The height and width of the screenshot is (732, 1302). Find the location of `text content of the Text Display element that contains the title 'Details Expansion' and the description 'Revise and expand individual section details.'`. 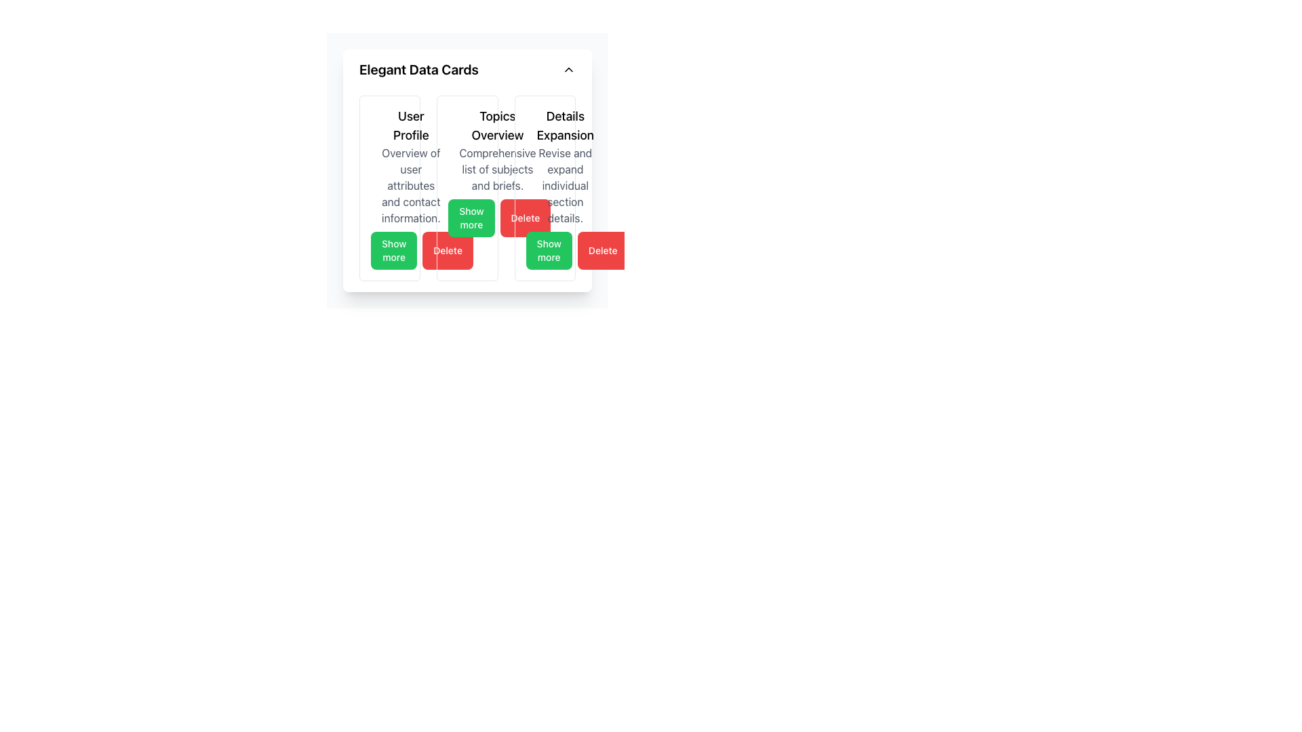

text content of the Text Display element that contains the title 'Details Expansion' and the description 'Revise and expand individual section details.' is located at coordinates (565, 166).